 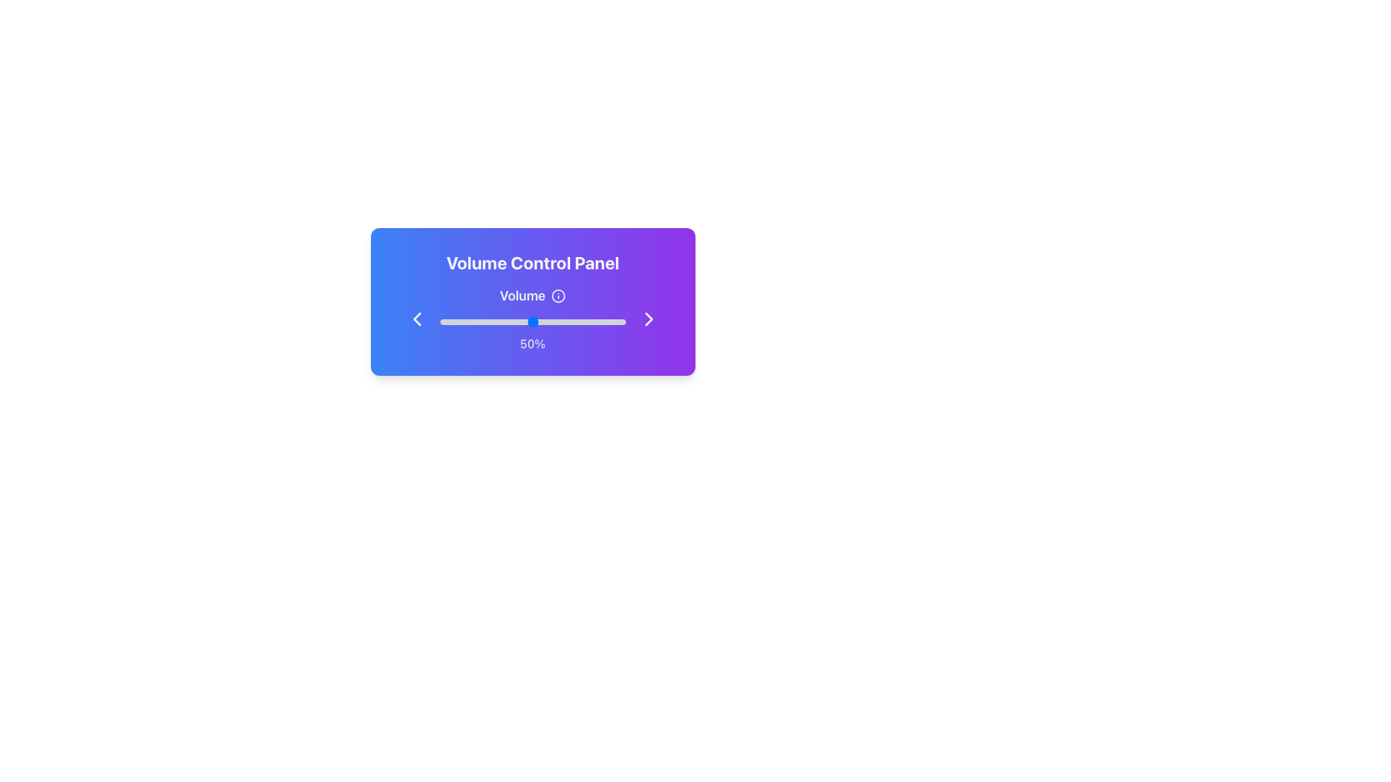 I want to click on the slider, so click(x=492, y=321).